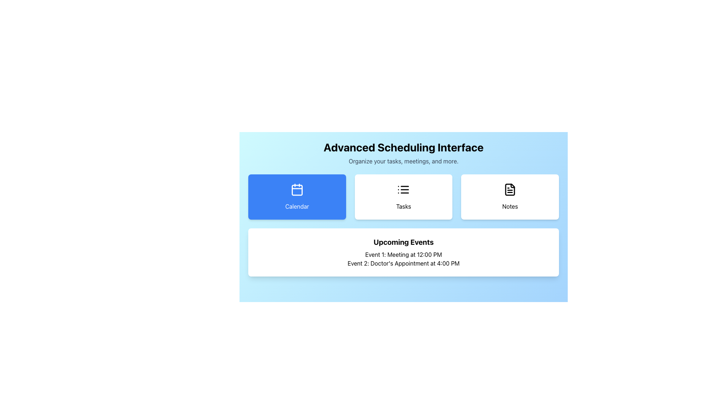 This screenshot has width=701, height=394. I want to click on the middle clickable card that serves as a navigational card for accessing tasks in the application, positioned between 'Calendar' and 'Notes', so click(403, 197).